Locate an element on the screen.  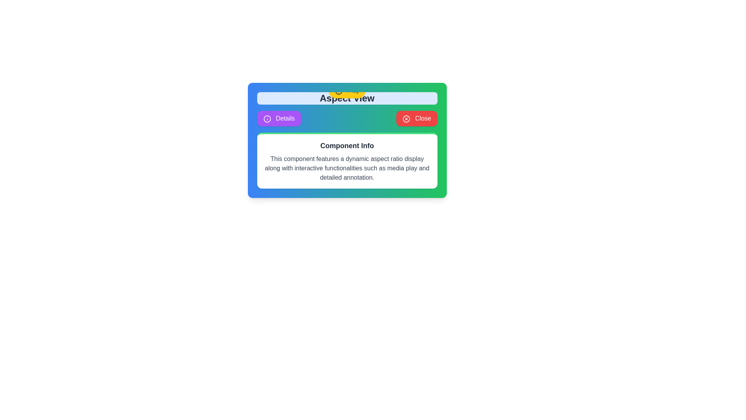
the 'Close' button located on the right side of the horizontal section containing two buttons ('Details' and 'Close') is located at coordinates (416, 118).